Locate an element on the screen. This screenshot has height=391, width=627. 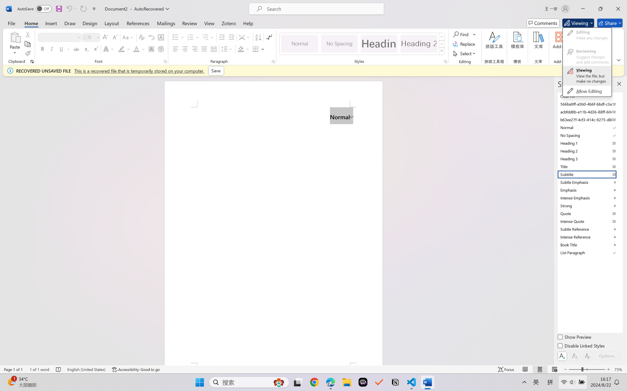
'Page Number Page 1 of 1' is located at coordinates (13, 369).